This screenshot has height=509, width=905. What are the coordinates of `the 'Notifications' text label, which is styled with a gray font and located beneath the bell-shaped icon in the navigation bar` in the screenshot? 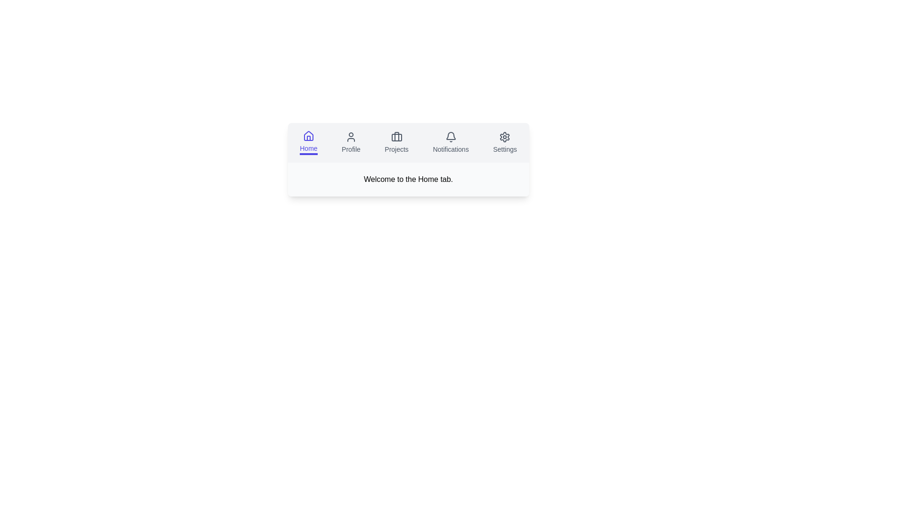 It's located at (450, 148).